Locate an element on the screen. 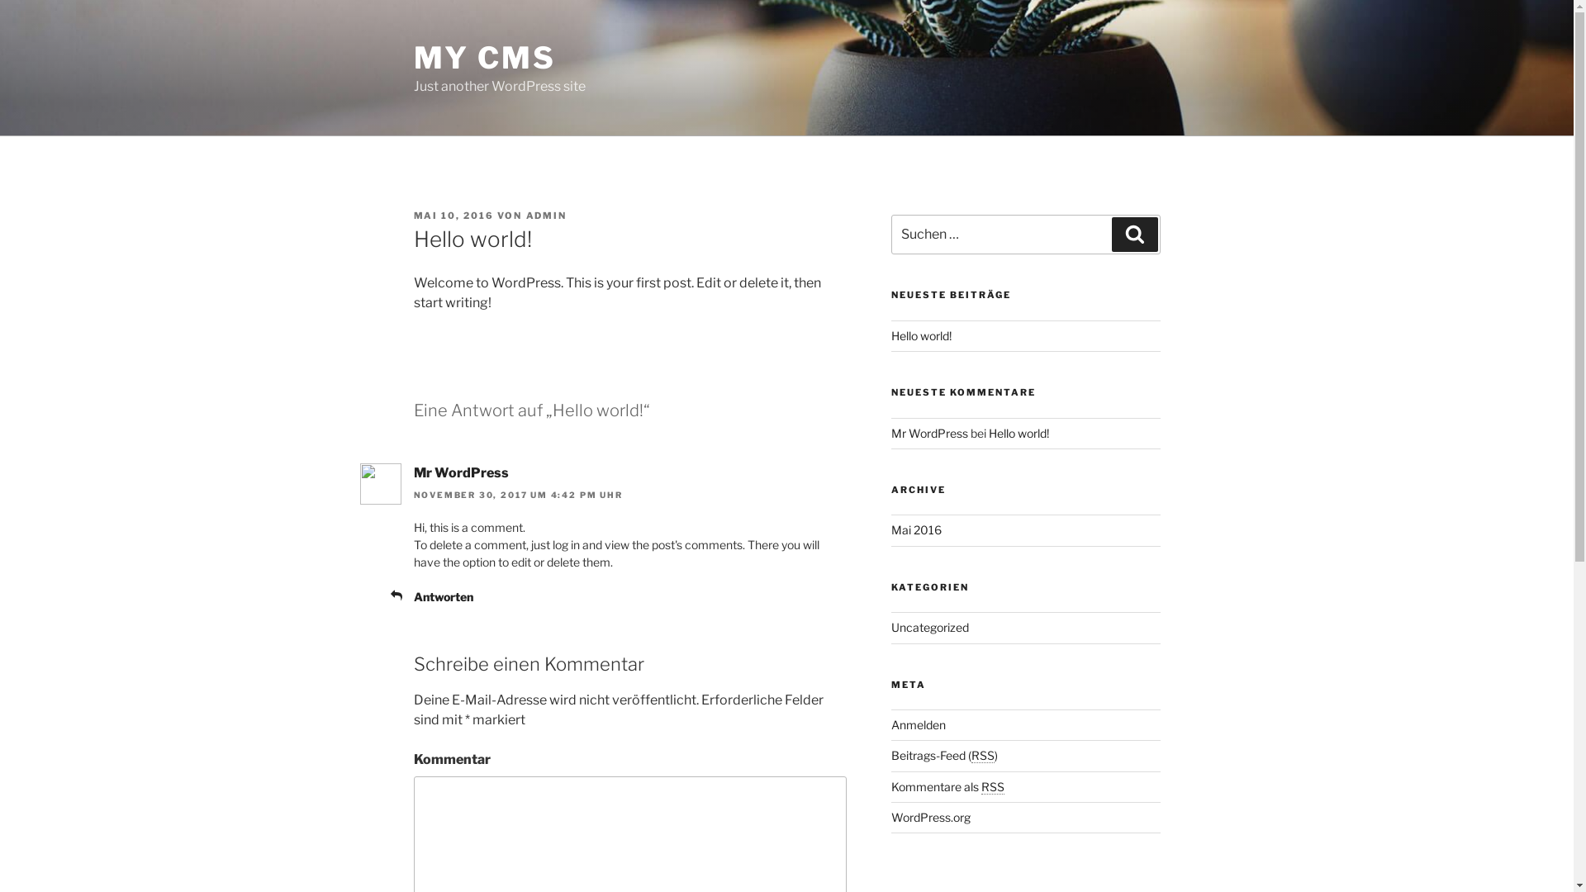 This screenshot has width=1586, height=892. 'Anmelden' is located at coordinates (918, 724).